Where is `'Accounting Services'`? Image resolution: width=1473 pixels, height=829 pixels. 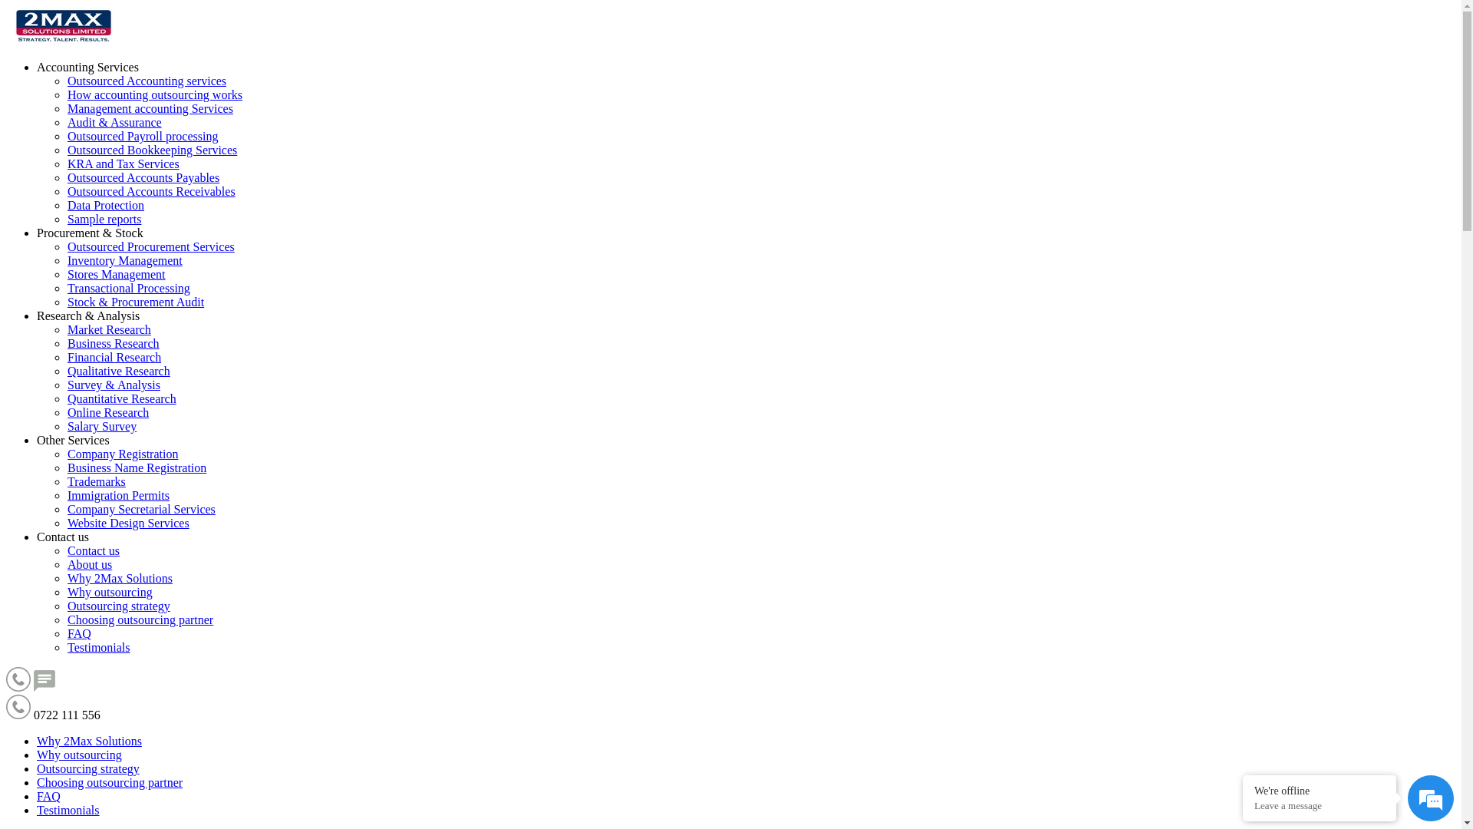
'Accounting Services' is located at coordinates (37, 66).